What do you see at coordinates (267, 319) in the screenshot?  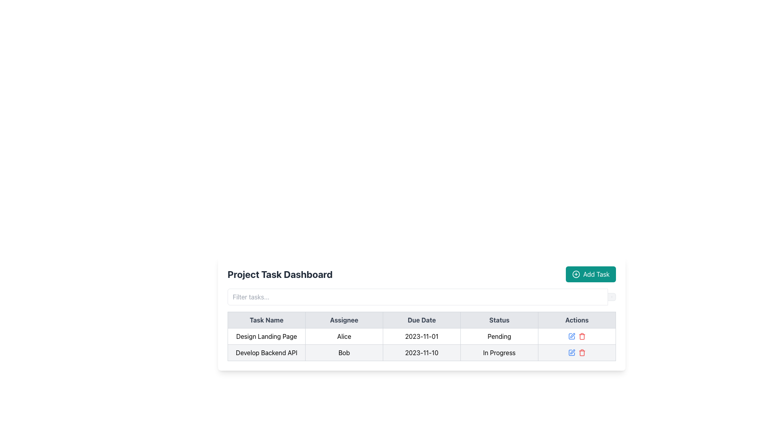 I see `the Table Header Cell labeled 'Task Name', which is styled with a gray border and bold center-aligned text, located near the top-left corner of the table` at bounding box center [267, 319].